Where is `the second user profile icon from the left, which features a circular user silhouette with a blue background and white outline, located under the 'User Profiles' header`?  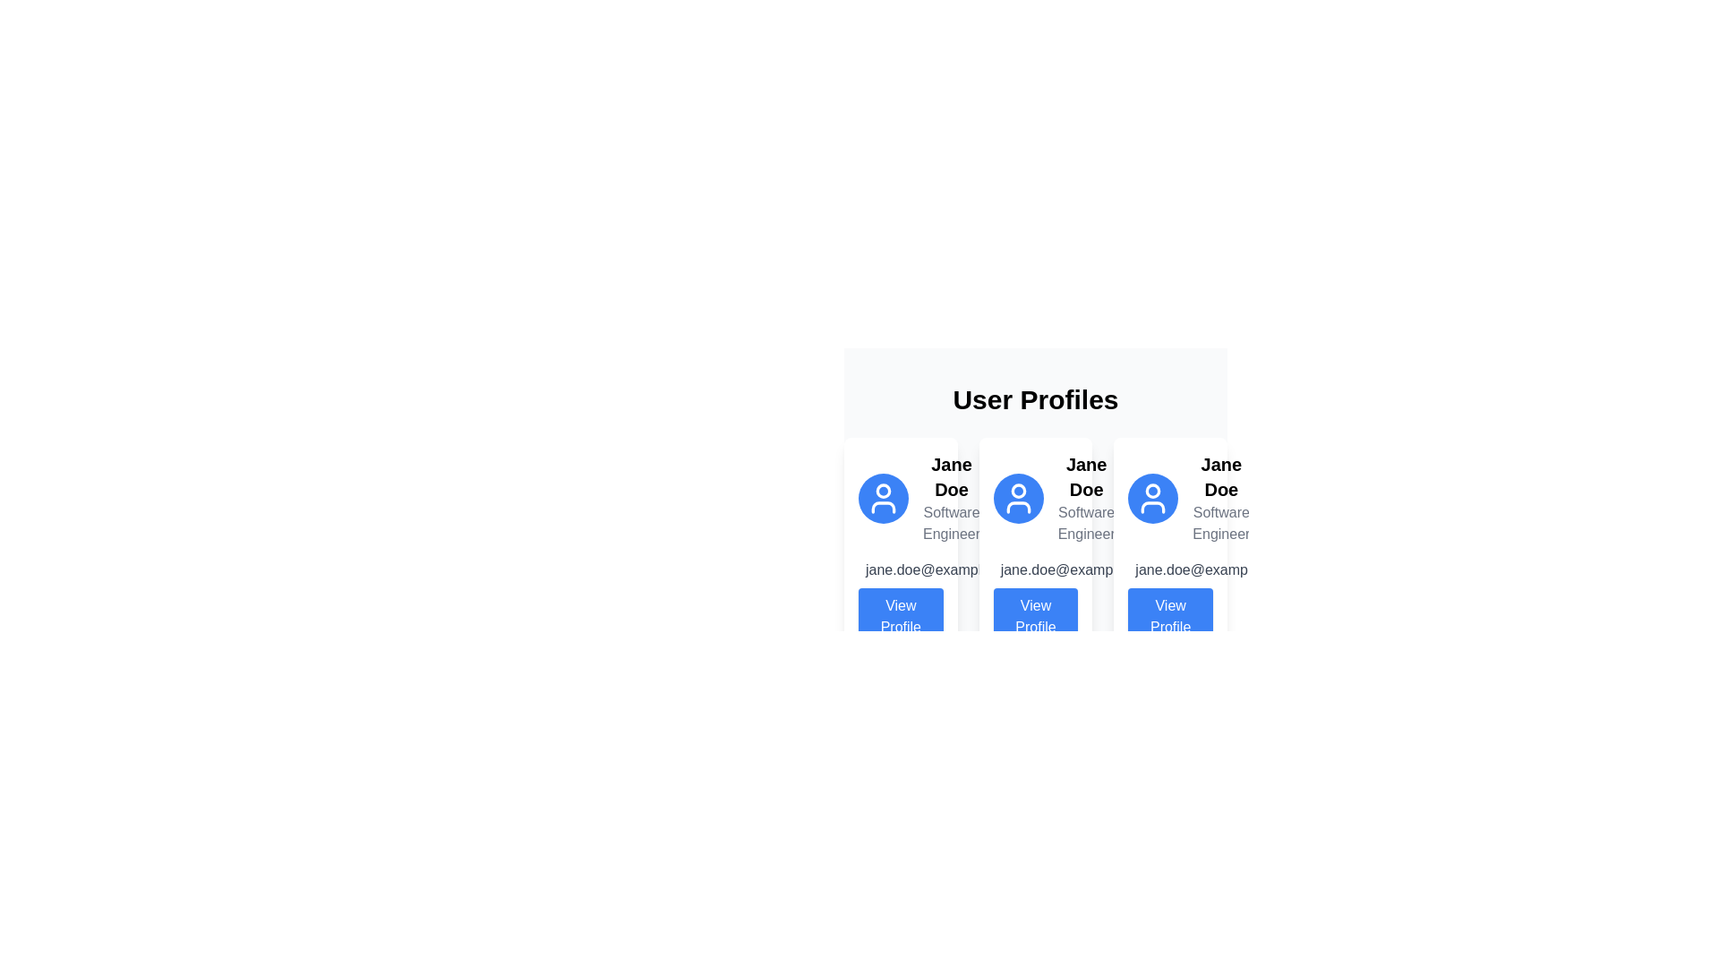 the second user profile icon from the left, which features a circular user silhouette with a blue background and white outline, located under the 'User Profiles' header is located at coordinates (1018, 498).